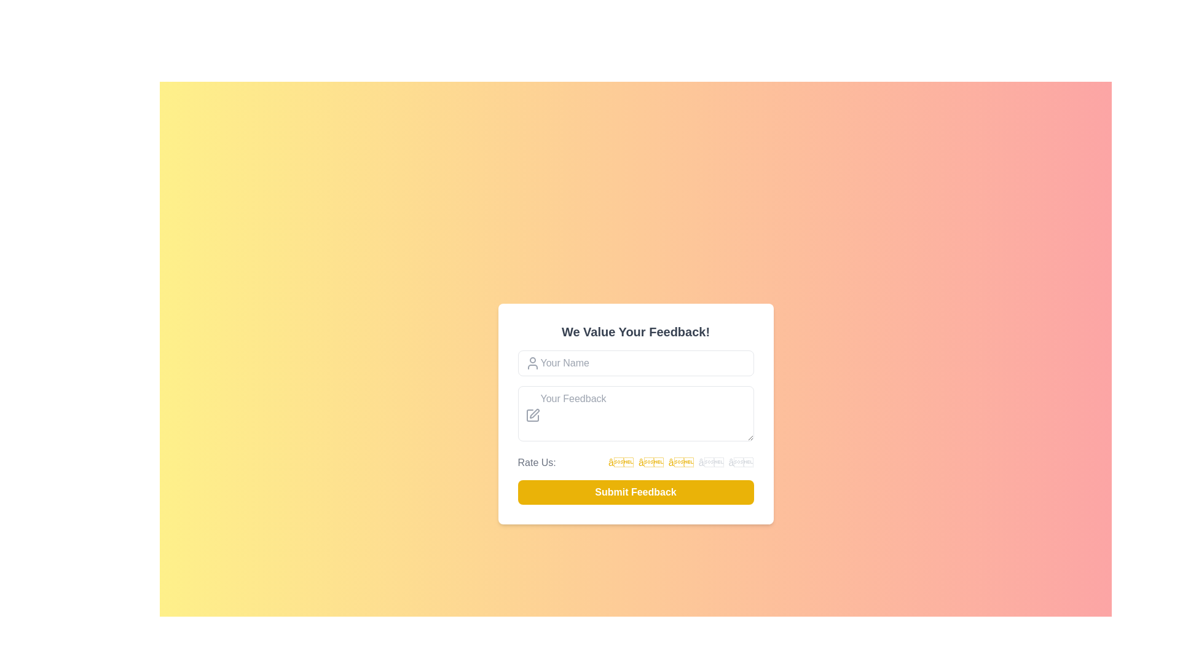 The height and width of the screenshot is (664, 1180). What do you see at coordinates (635, 491) in the screenshot?
I see `the 'Submit Feedback' button with a yellow background and white bold text` at bounding box center [635, 491].